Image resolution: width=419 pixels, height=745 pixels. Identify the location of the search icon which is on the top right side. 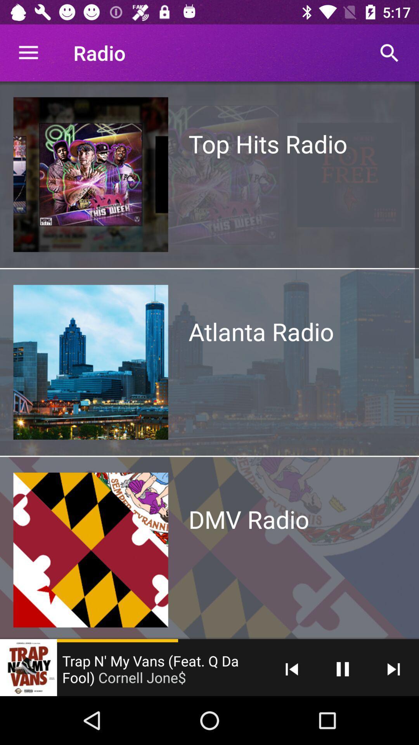
(389, 53).